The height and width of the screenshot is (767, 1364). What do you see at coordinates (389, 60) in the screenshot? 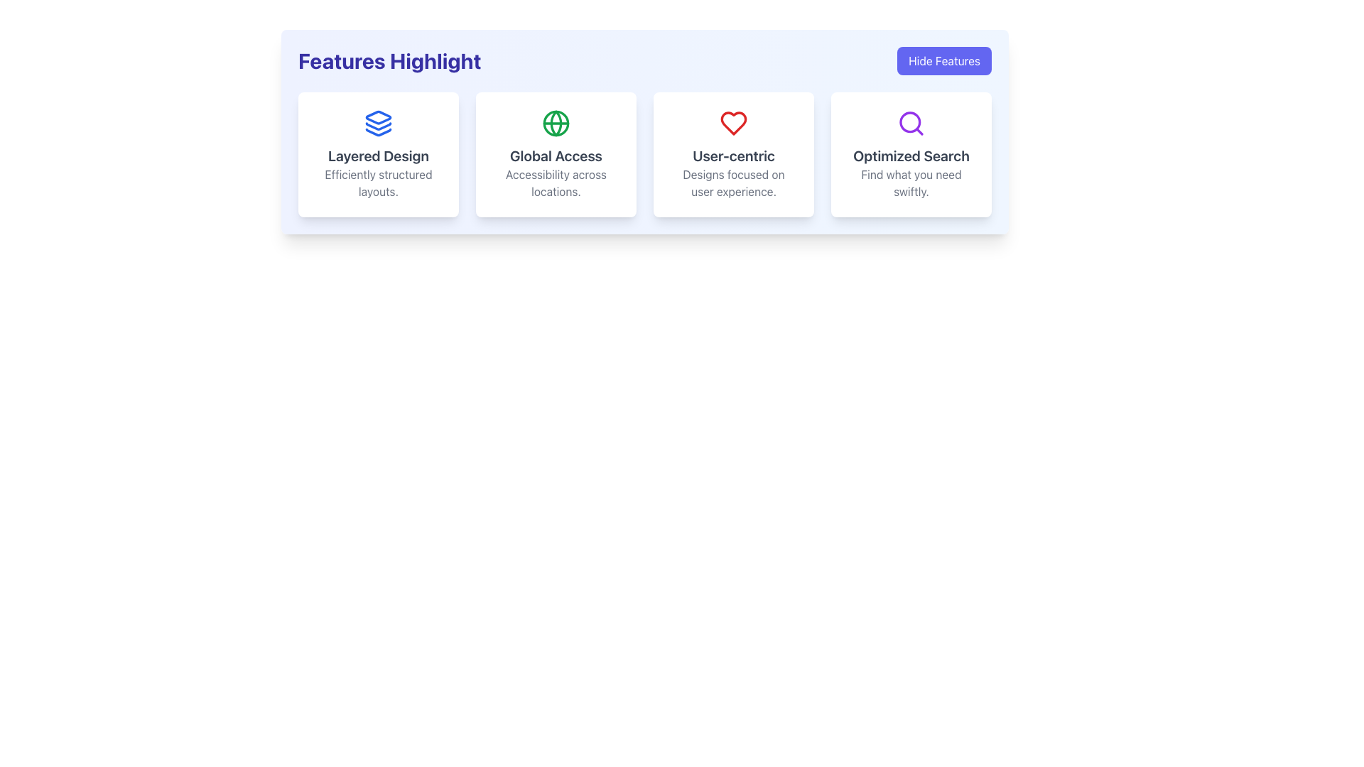
I see `the header text element labeled 'Features Highlight', which is positioned to the left of the 'Hide Features' button` at bounding box center [389, 60].